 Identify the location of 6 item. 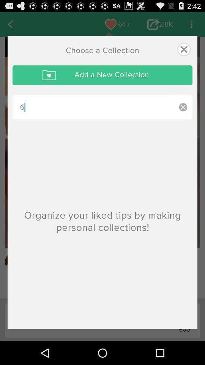
(93, 107).